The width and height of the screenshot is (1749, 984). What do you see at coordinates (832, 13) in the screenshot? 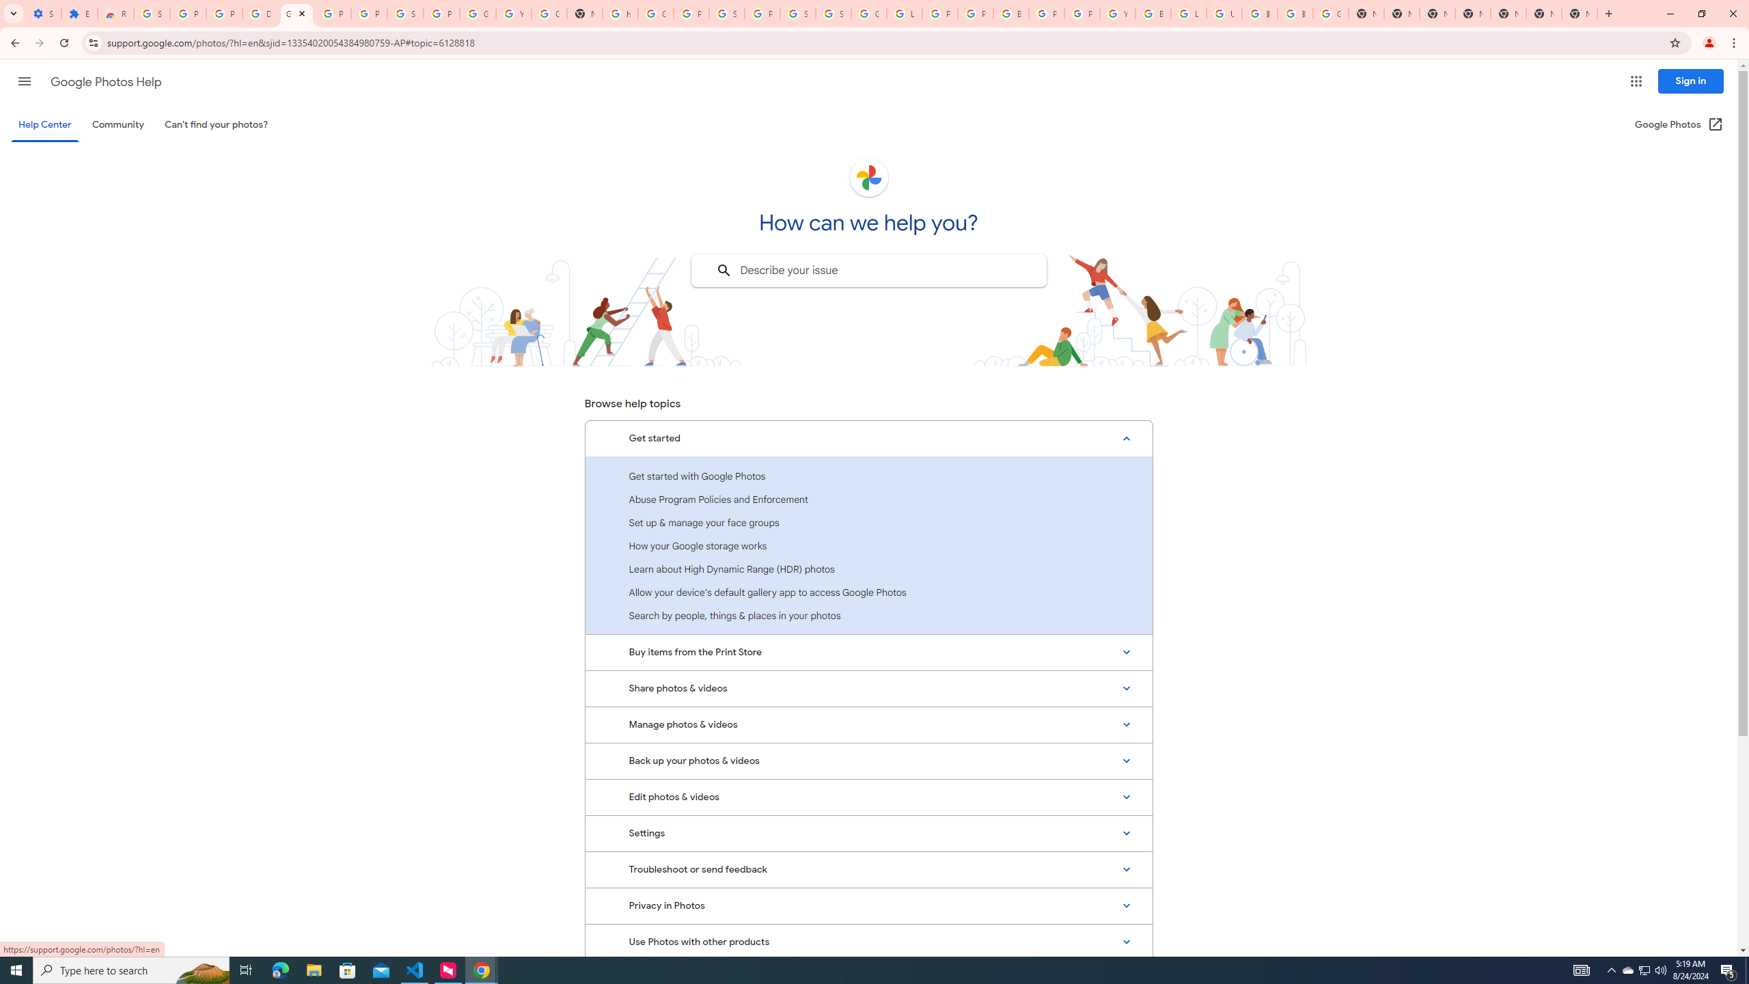
I see `'Sign in - Google Accounts'` at bounding box center [832, 13].